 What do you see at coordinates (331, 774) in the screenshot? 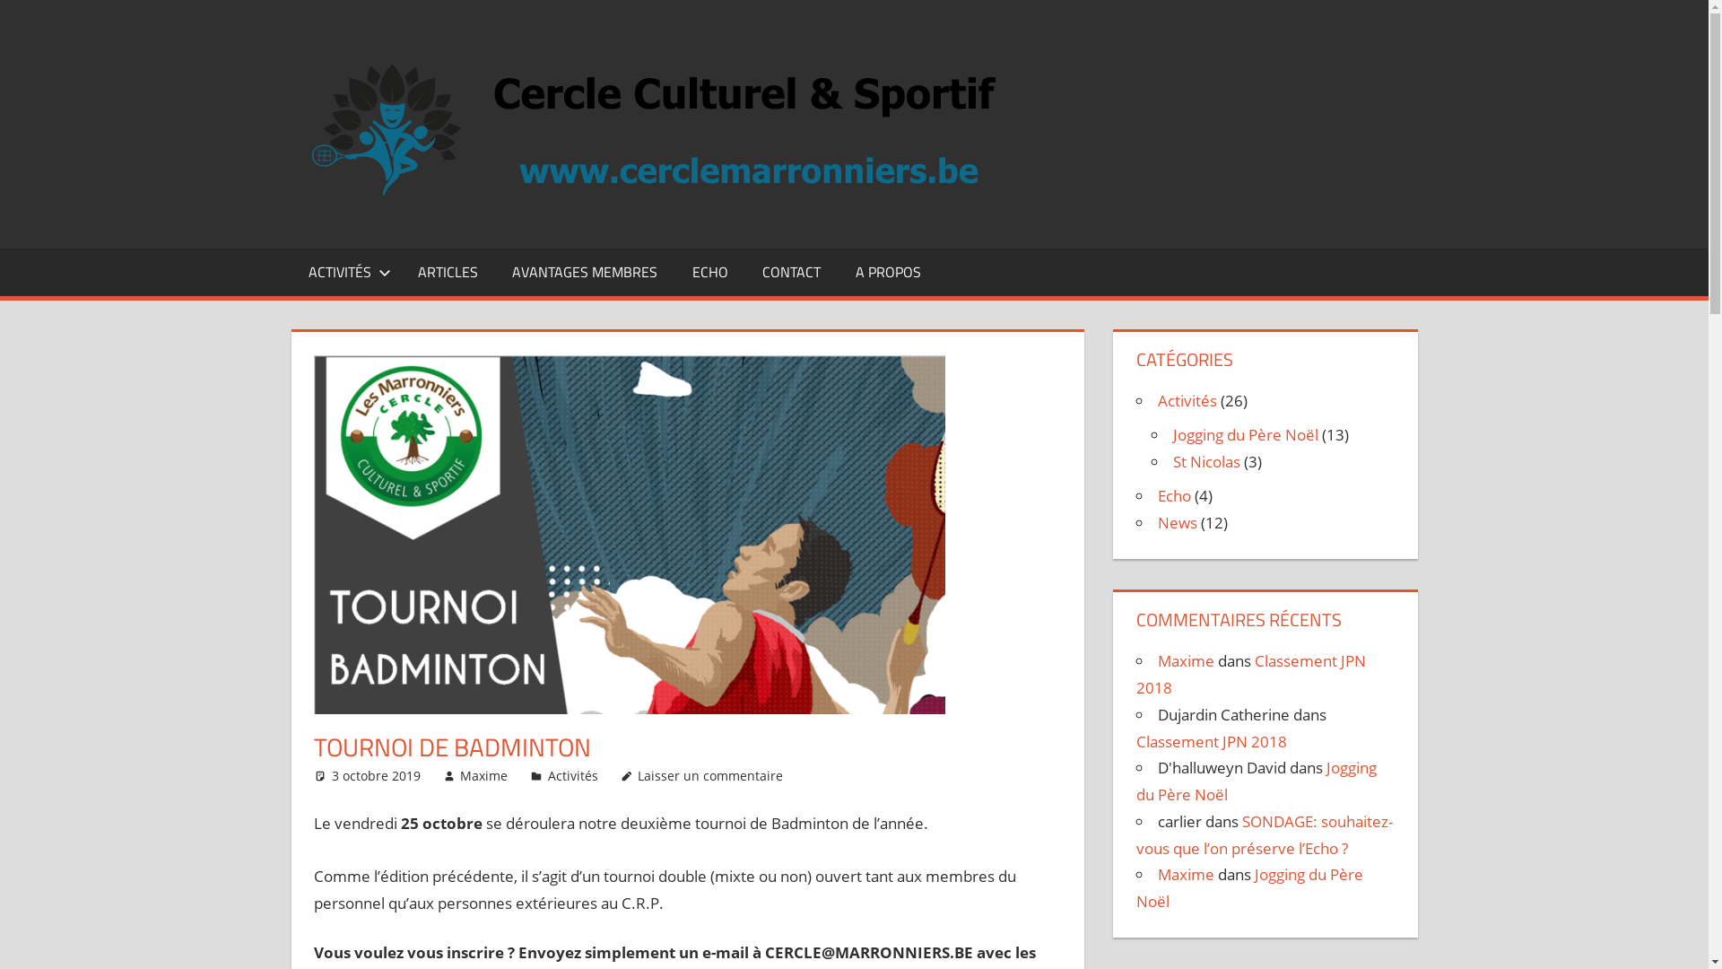
I see `'3 octobre 2019'` at bounding box center [331, 774].